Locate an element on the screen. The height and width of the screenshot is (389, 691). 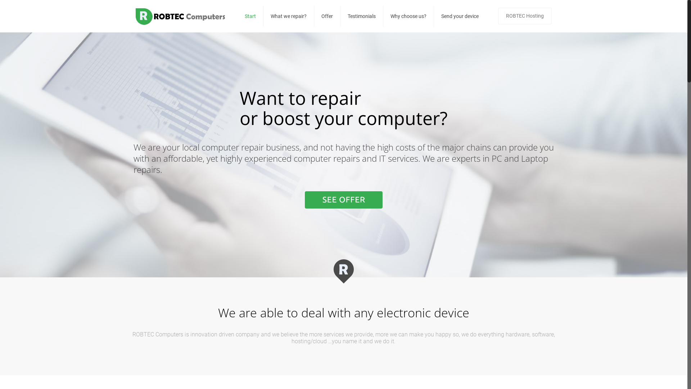
'ROBTEC Hosting' is located at coordinates (525, 16).